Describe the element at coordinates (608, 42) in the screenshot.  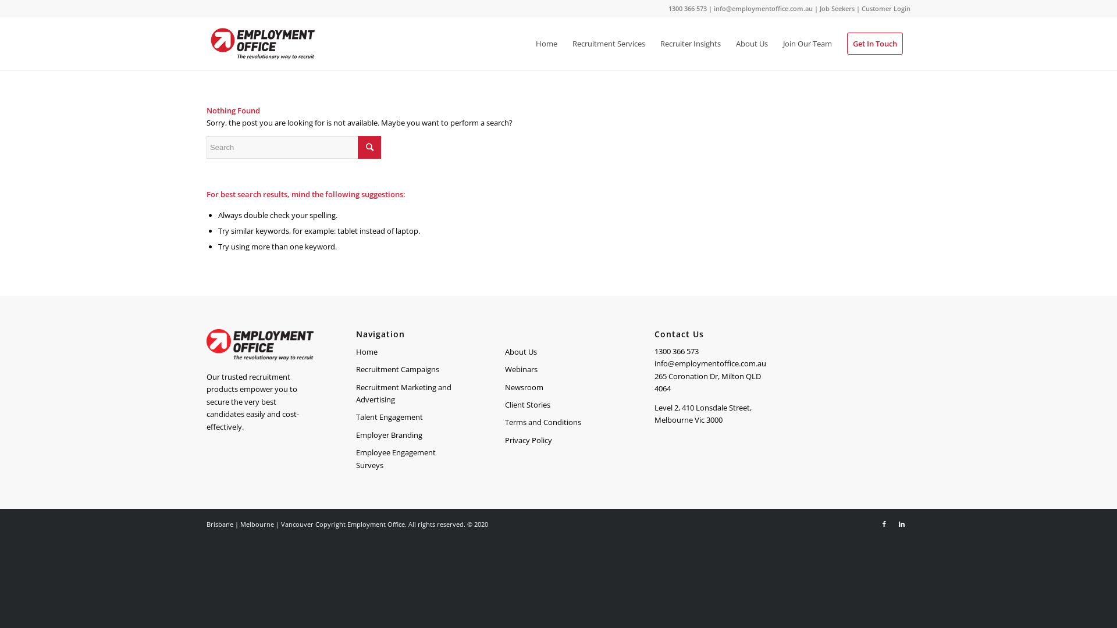
I see `'Recruitment Services'` at that location.